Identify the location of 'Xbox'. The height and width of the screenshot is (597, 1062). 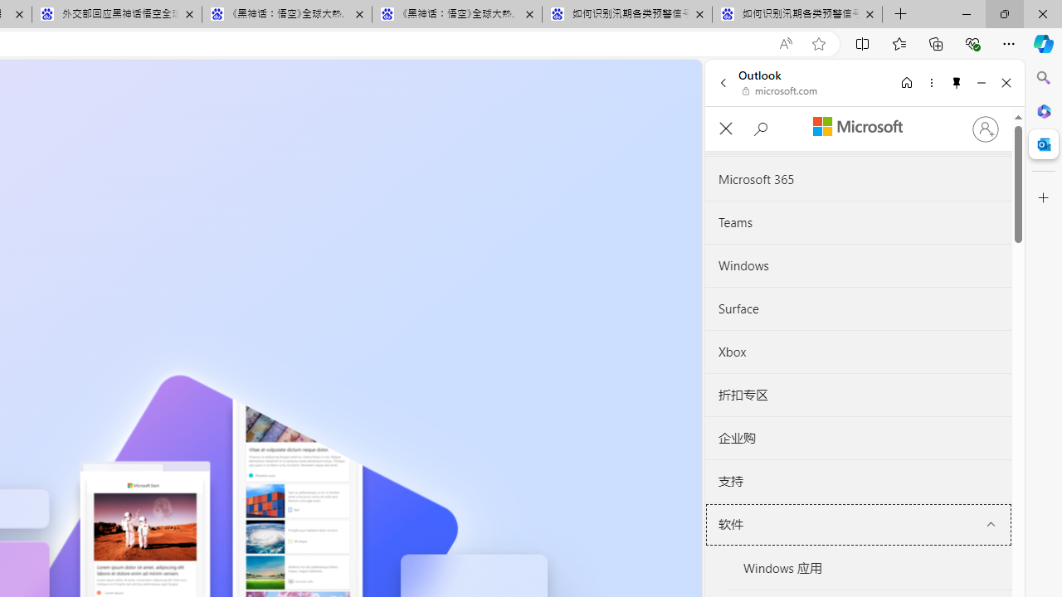
(858, 351).